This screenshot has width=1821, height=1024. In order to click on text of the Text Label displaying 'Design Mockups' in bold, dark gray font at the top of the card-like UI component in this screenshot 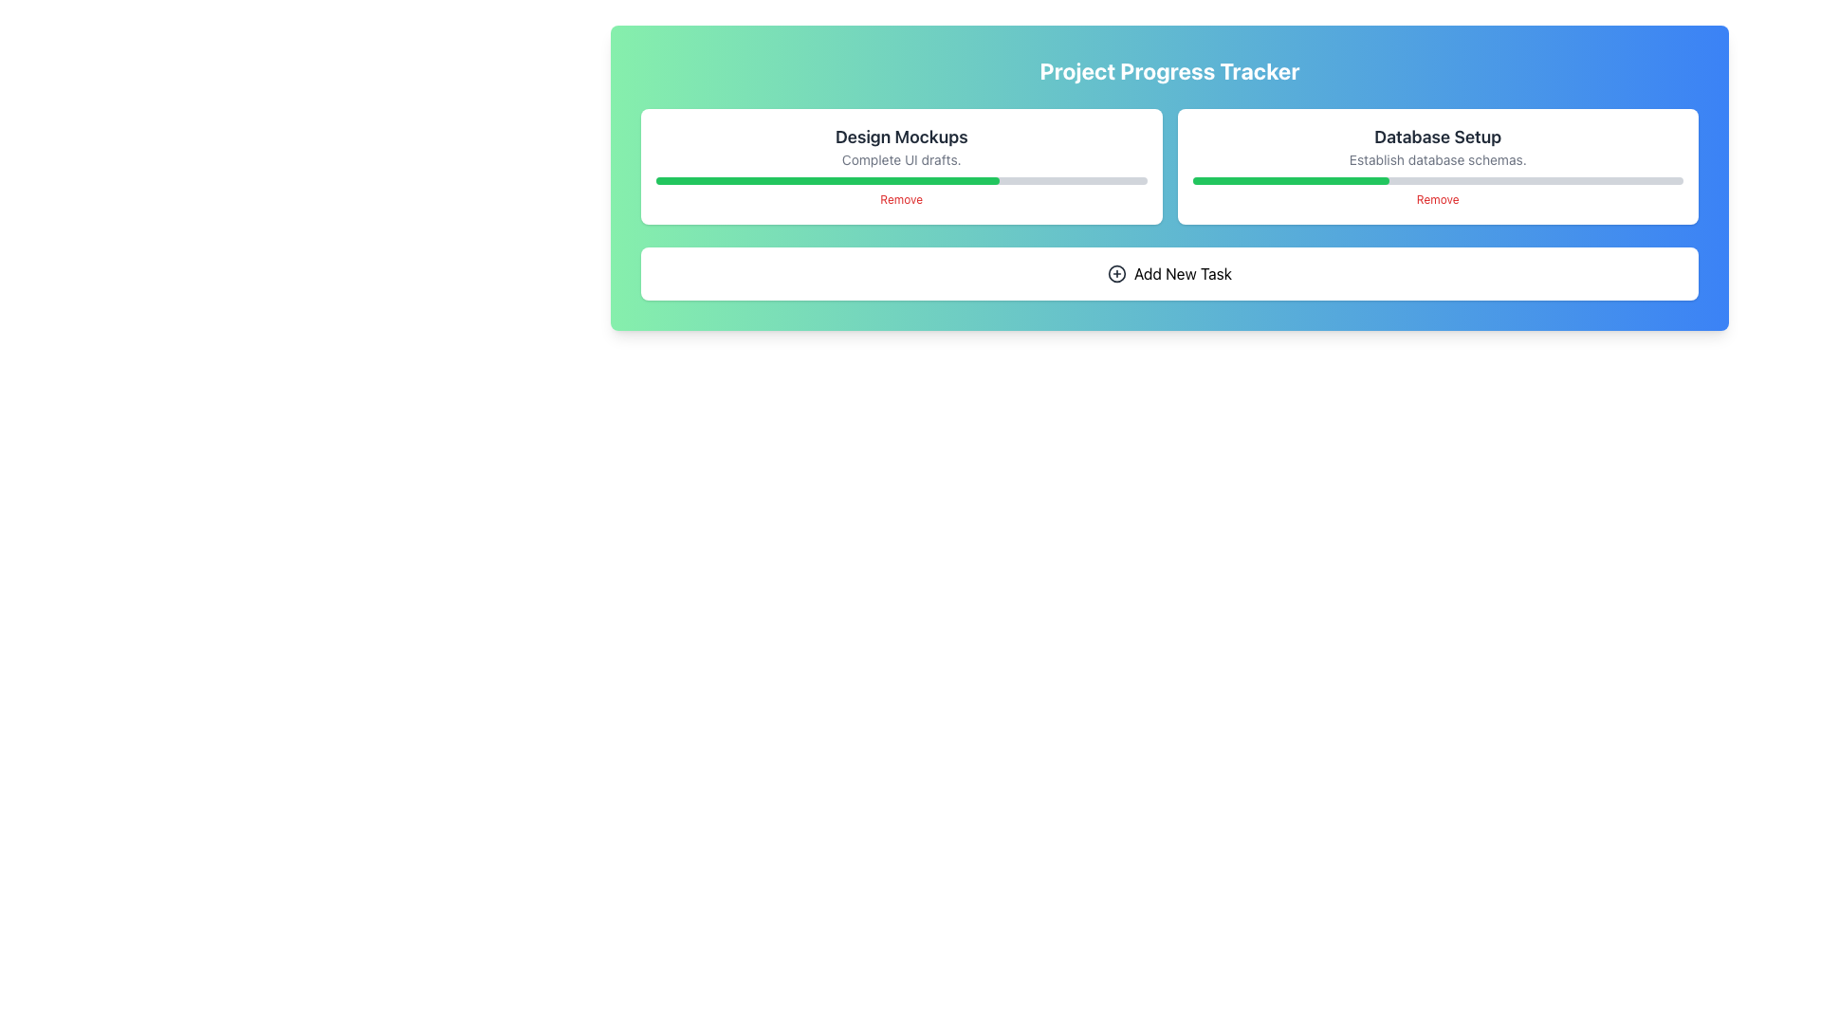, I will do `click(900, 137)`.